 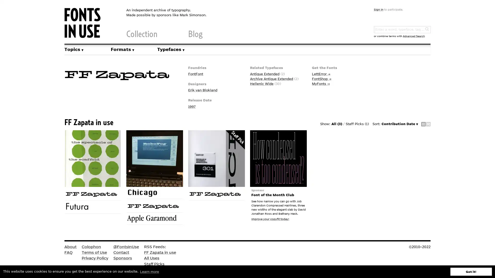 I want to click on dismiss cookie message, so click(x=471, y=271).